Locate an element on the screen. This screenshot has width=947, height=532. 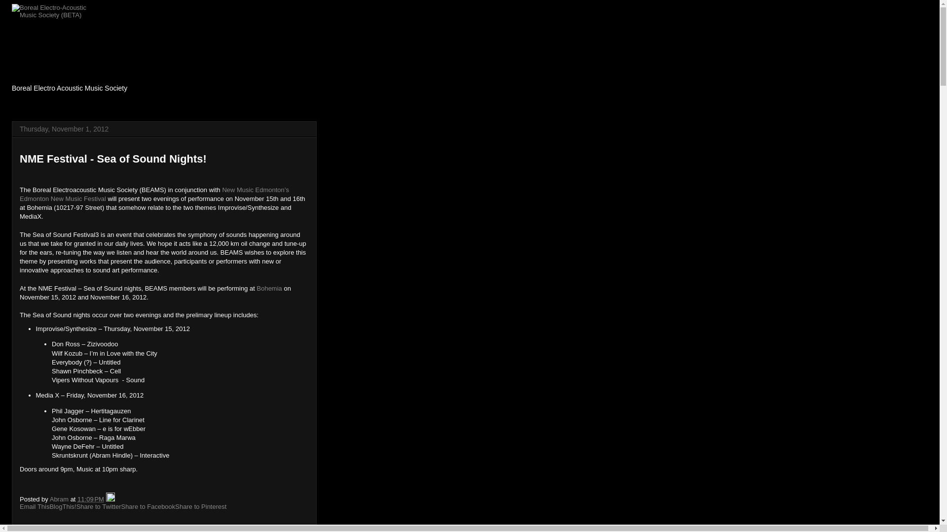
'Abram' is located at coordinates (49, 499).